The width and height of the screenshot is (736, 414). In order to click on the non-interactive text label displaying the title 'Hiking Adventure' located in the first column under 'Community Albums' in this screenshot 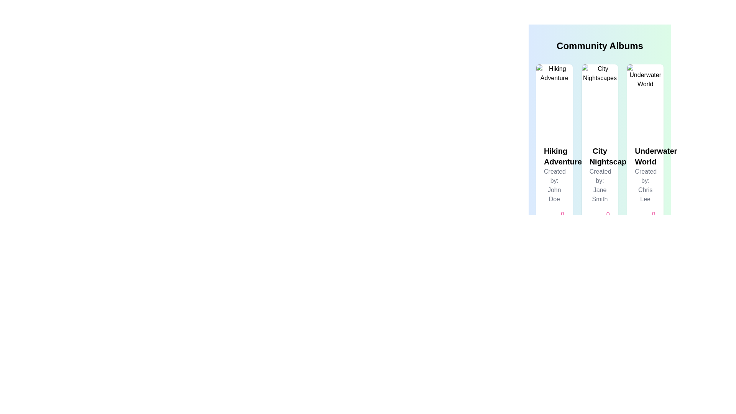, I will do `click(554, 156)`.